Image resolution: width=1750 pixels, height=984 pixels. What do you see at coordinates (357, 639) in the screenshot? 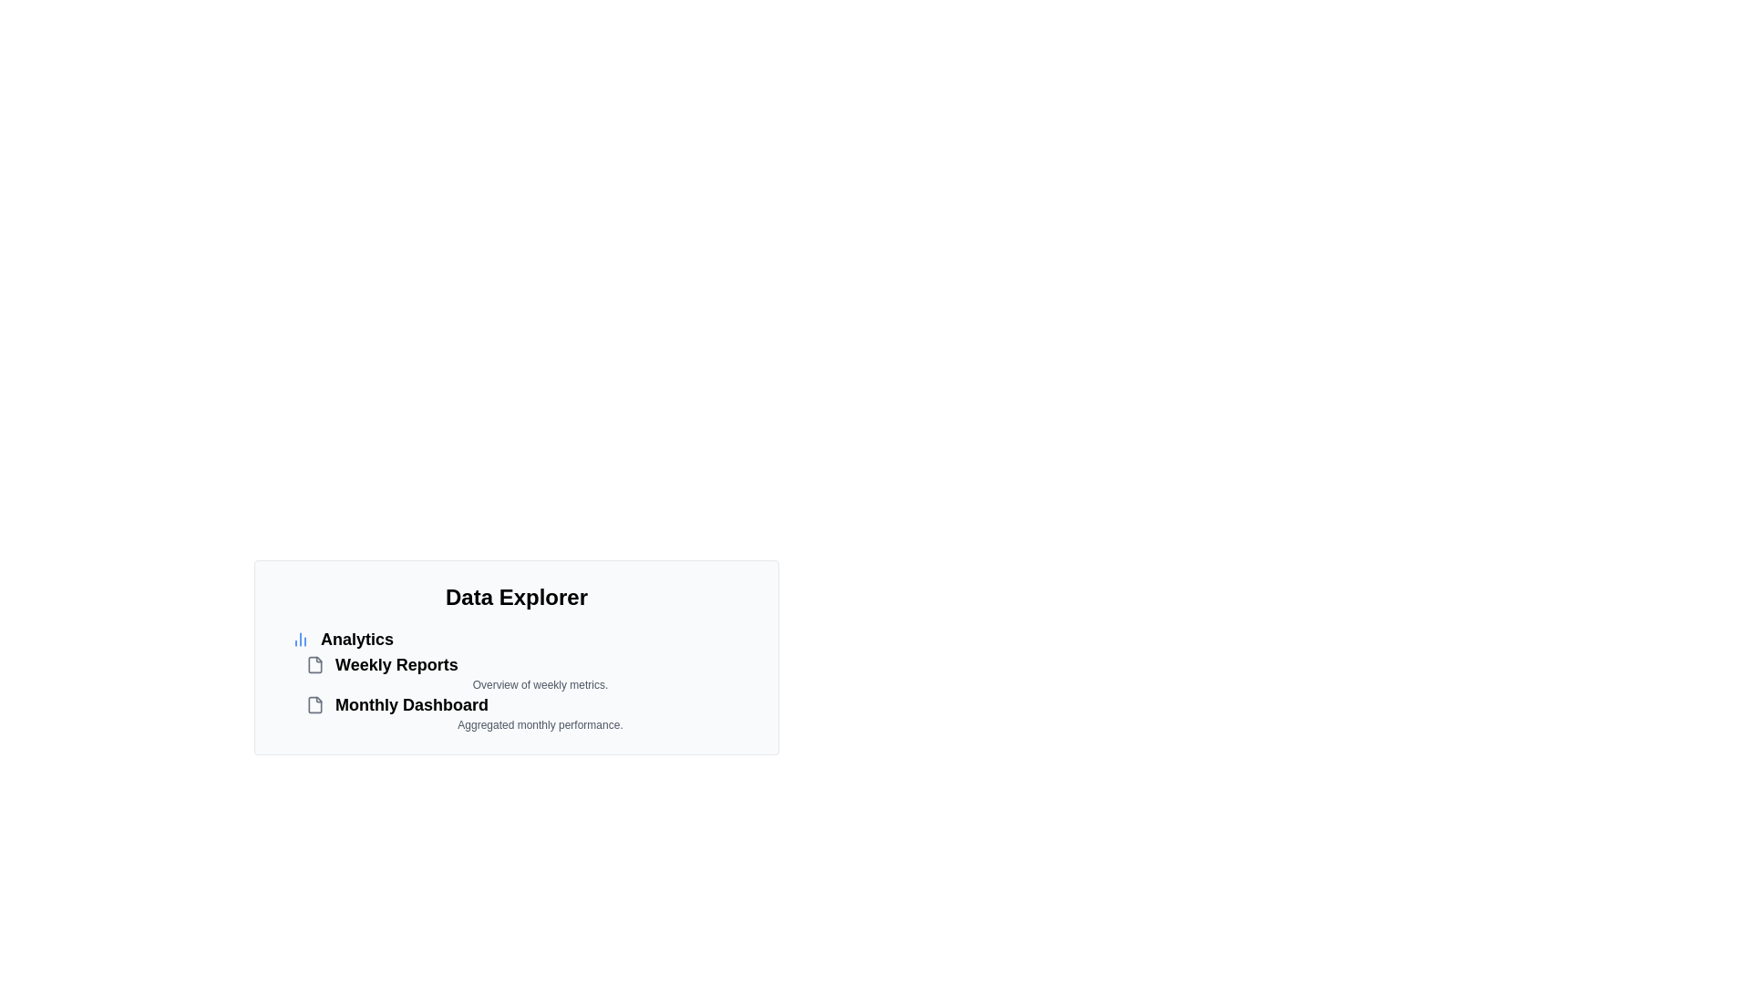
I see `the 'Analytics' text label located in the 'Data Explorer' section, which is displayed in bold font and positioned near the blue chart icon` at bounding box center [357, 639].